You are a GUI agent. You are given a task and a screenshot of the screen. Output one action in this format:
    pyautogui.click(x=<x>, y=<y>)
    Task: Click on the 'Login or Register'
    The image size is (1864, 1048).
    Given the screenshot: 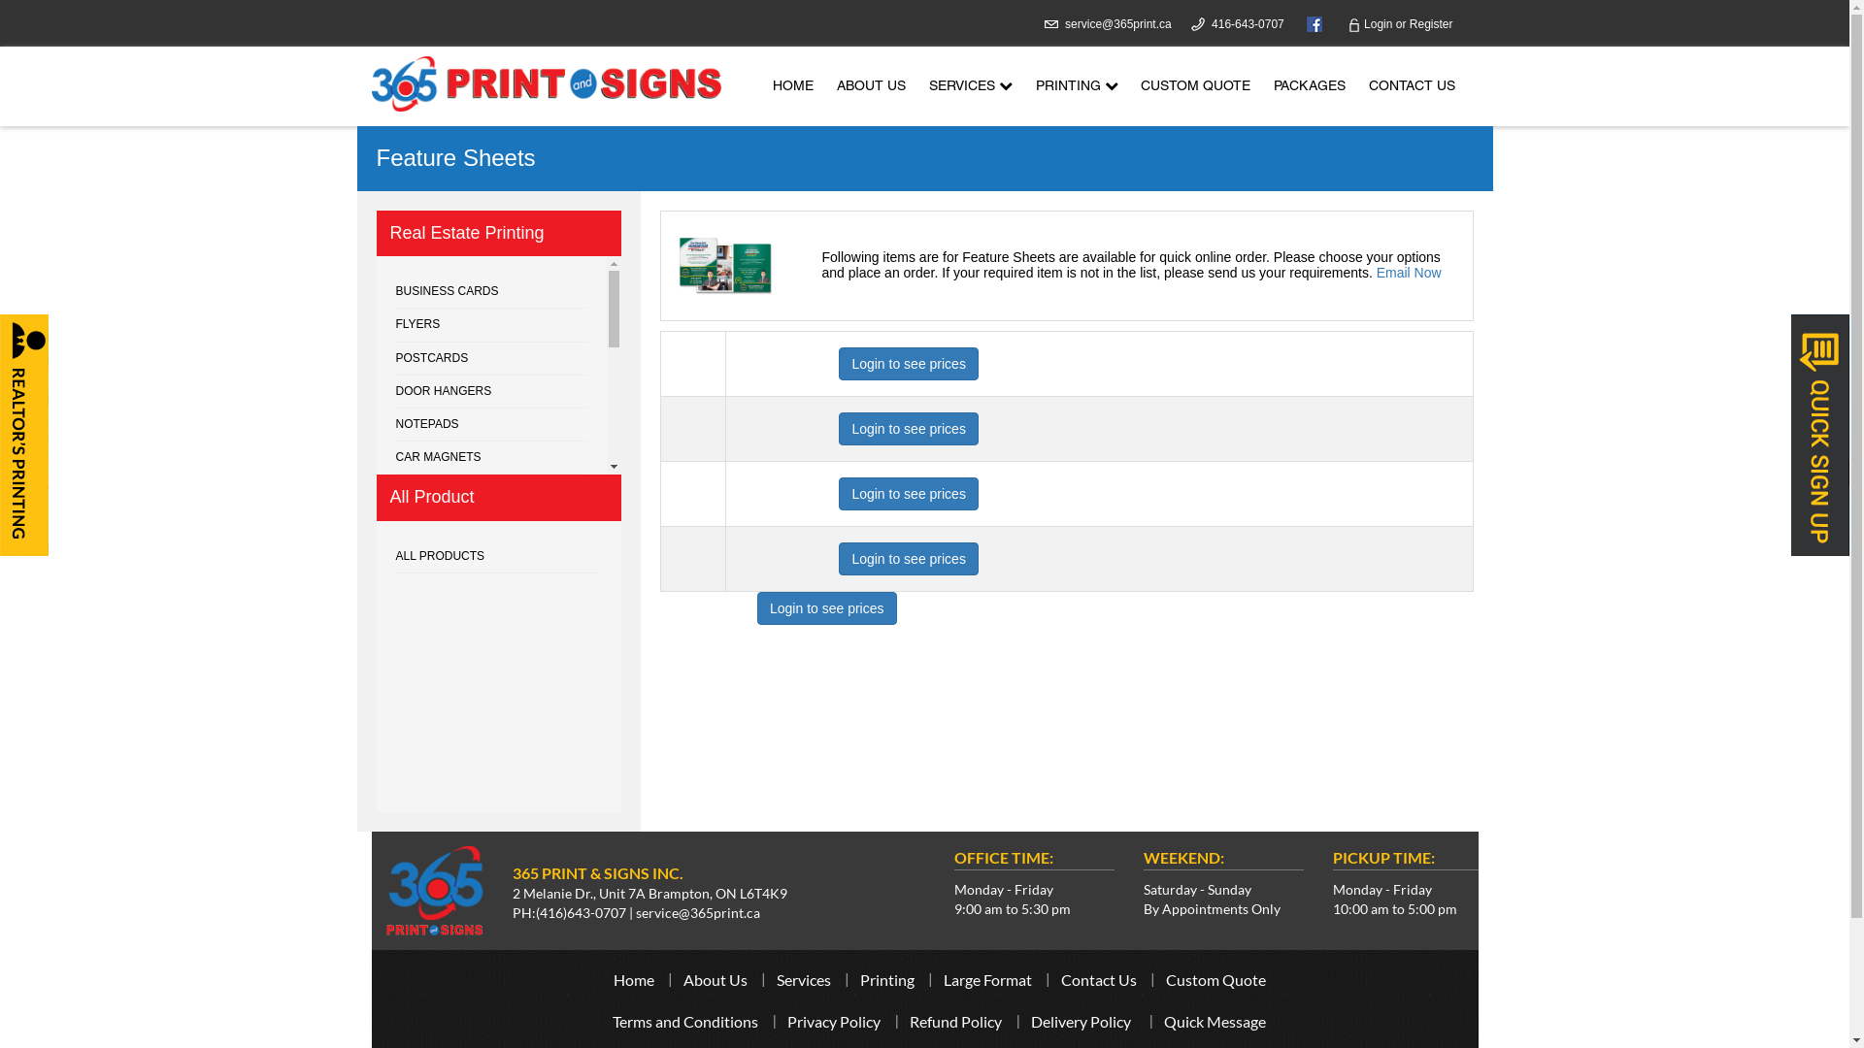 What is the action you would take?
    pyautogui.click(x=1400, y=23)
    